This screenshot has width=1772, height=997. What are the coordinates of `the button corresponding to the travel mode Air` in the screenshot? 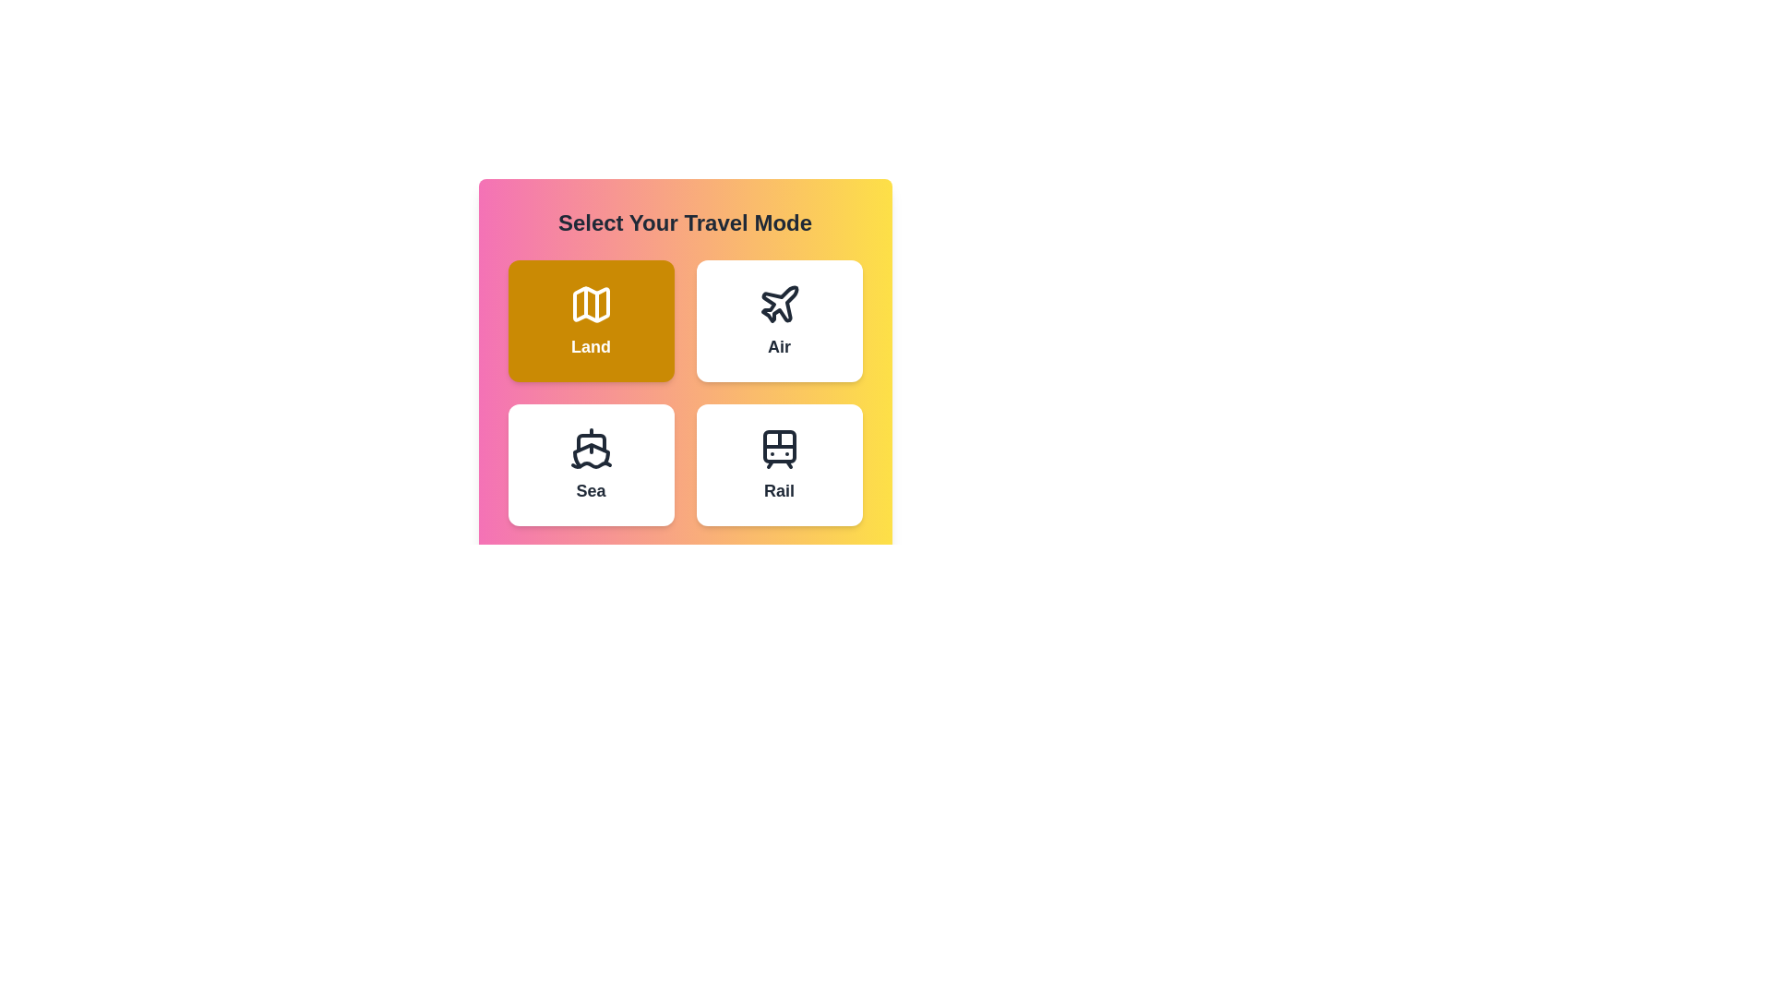 It's located at (779, 319).